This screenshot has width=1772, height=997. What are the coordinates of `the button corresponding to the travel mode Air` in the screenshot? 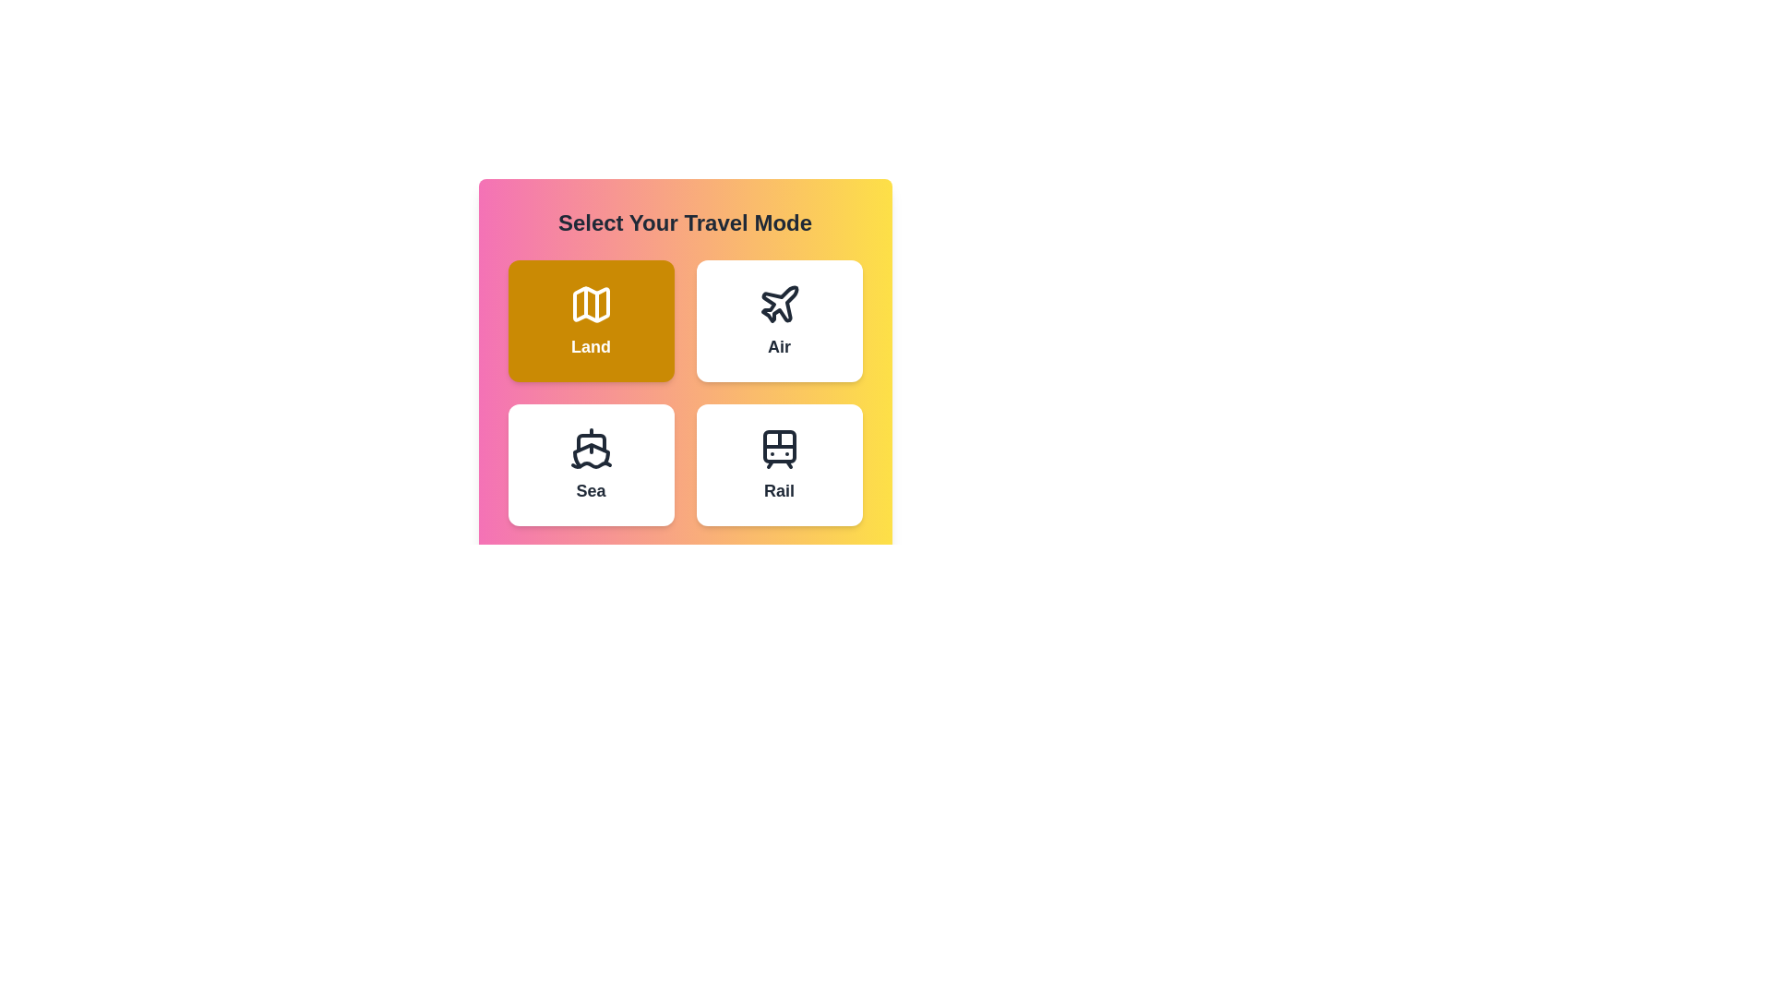 It's located at (779, 319).